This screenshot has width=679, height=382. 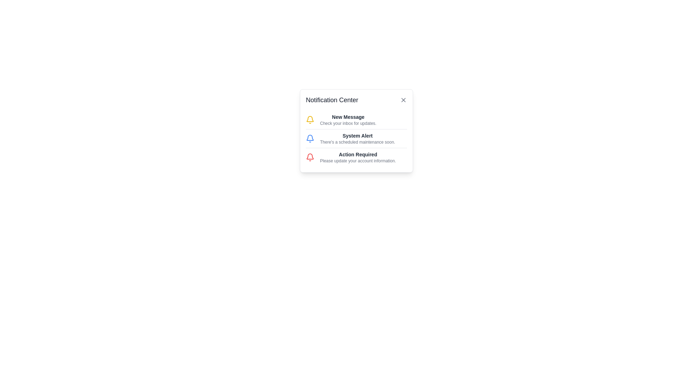 What do you see at coordinates (310, 157) in the screenshot?
I see `the alert icon indicating 'Action Required', which is positioned to the left of the text 'Action Required'` at bounding box center [310, 157].